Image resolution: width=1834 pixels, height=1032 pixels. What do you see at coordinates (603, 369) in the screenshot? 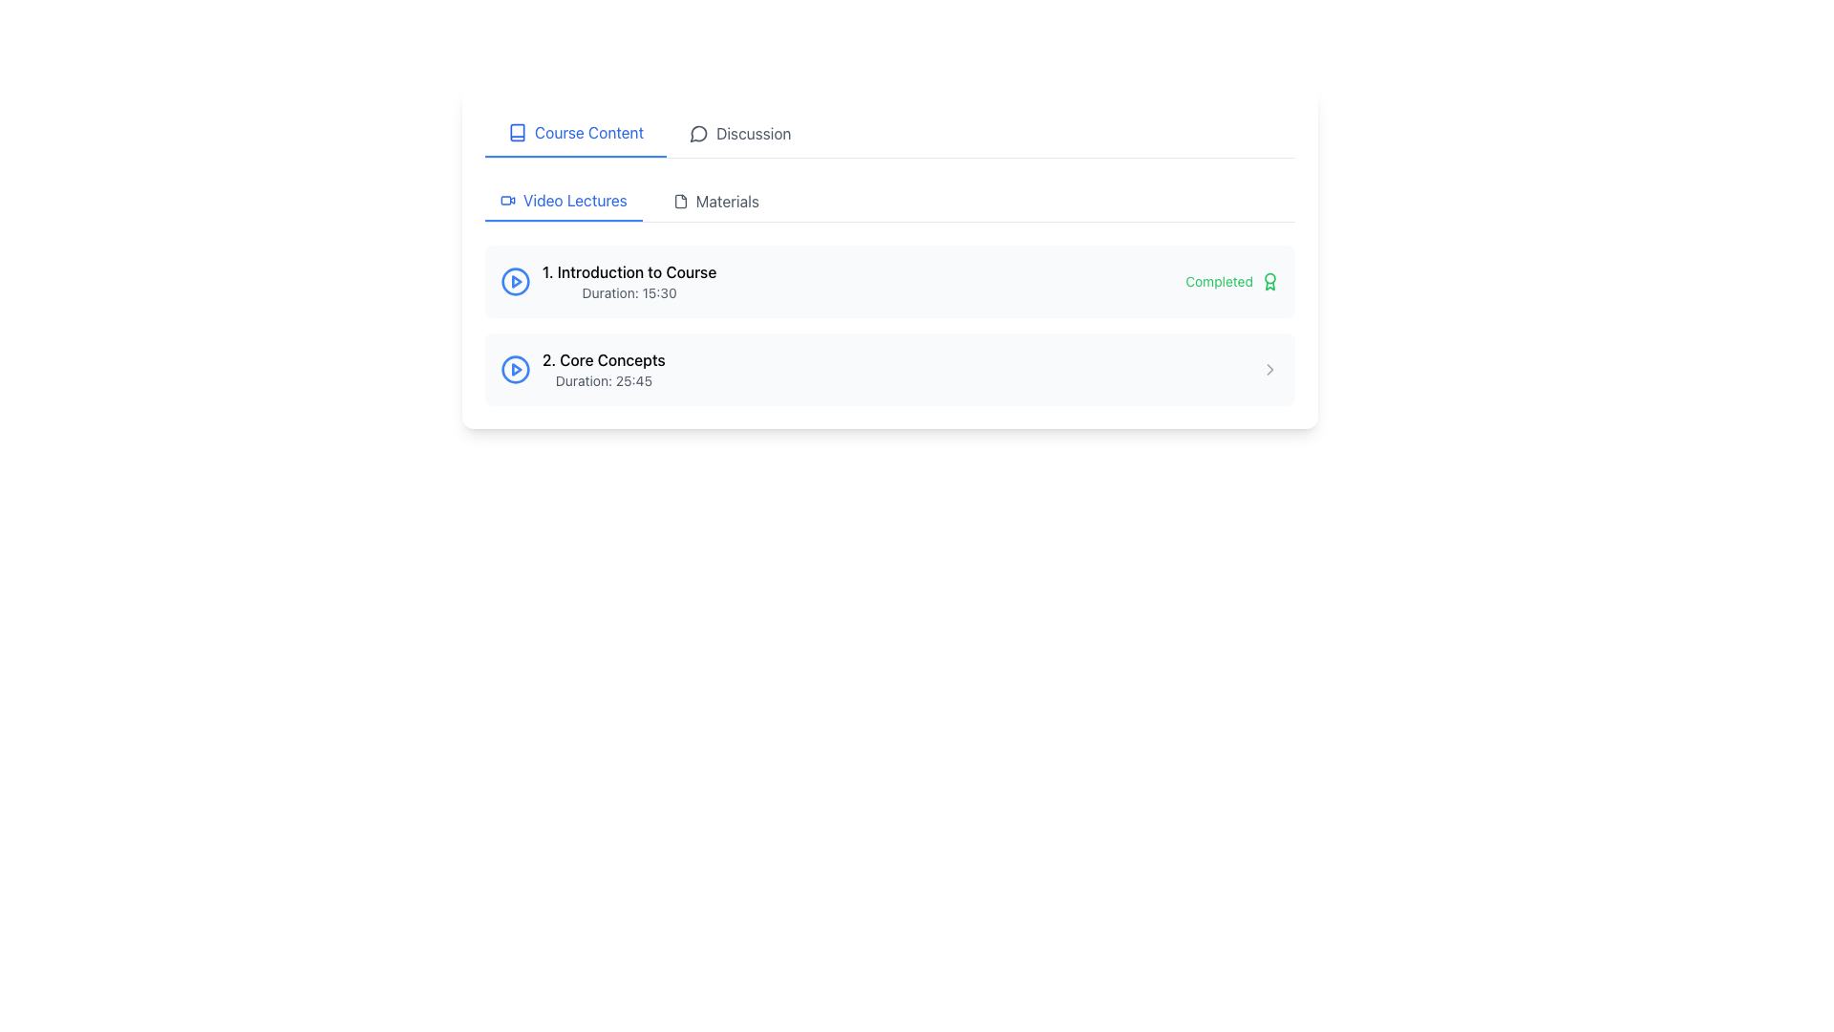
I see `the text label element displaying '2. Core Concepts' along with its duration 'Duration: 25:45', located in the list of video lectures as the second item` at bounding box center [603, 369].